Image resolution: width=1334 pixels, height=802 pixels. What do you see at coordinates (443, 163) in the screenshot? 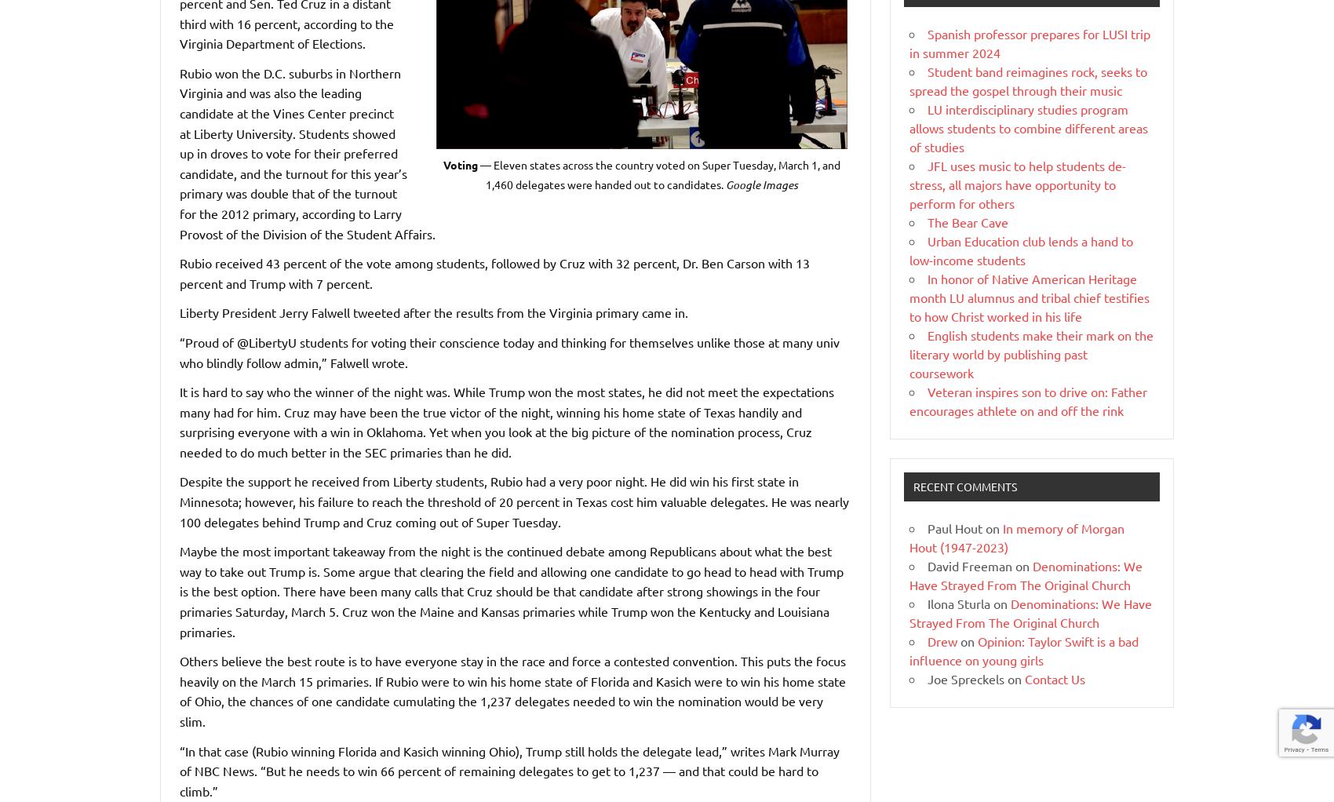
I see `'Voting'` at bounding box center [443, 163].